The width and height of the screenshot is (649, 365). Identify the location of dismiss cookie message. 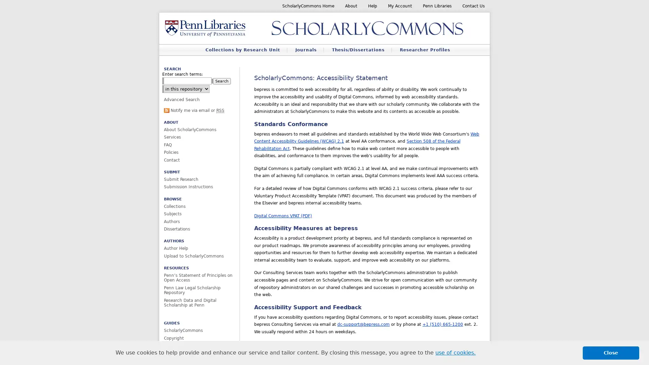
(611, 352).